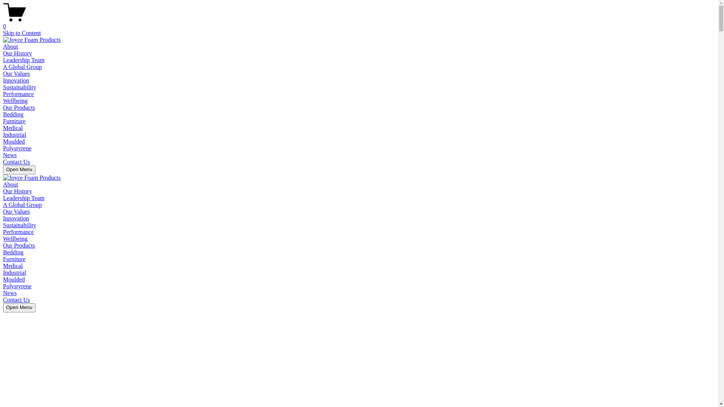  What do you see at coordinates (3, 161) in the screenshot?
I see `'Contact Us'` at bounding box center [3, 161].